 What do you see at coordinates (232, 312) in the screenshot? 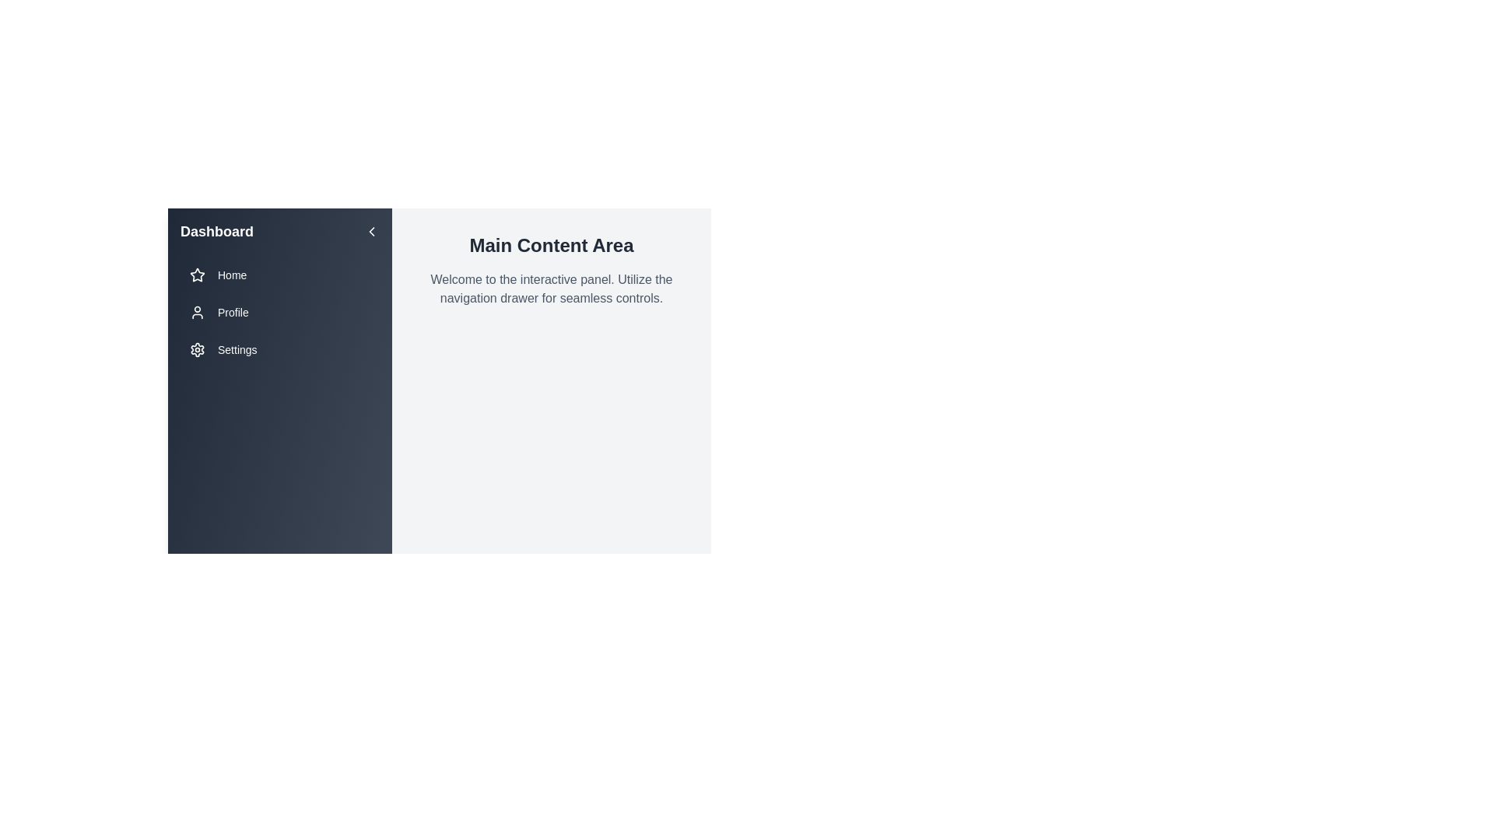
I see `the 'Profile' label in the navigation menu, which is located below the 'Home' item and above the 'Settings' item, and is styled with a small font size` at bounding box center [232, 312].